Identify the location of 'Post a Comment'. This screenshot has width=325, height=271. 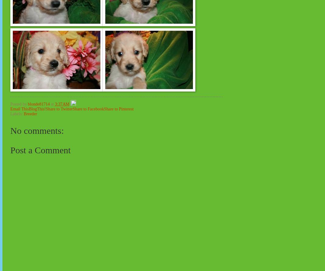
(40, 149).